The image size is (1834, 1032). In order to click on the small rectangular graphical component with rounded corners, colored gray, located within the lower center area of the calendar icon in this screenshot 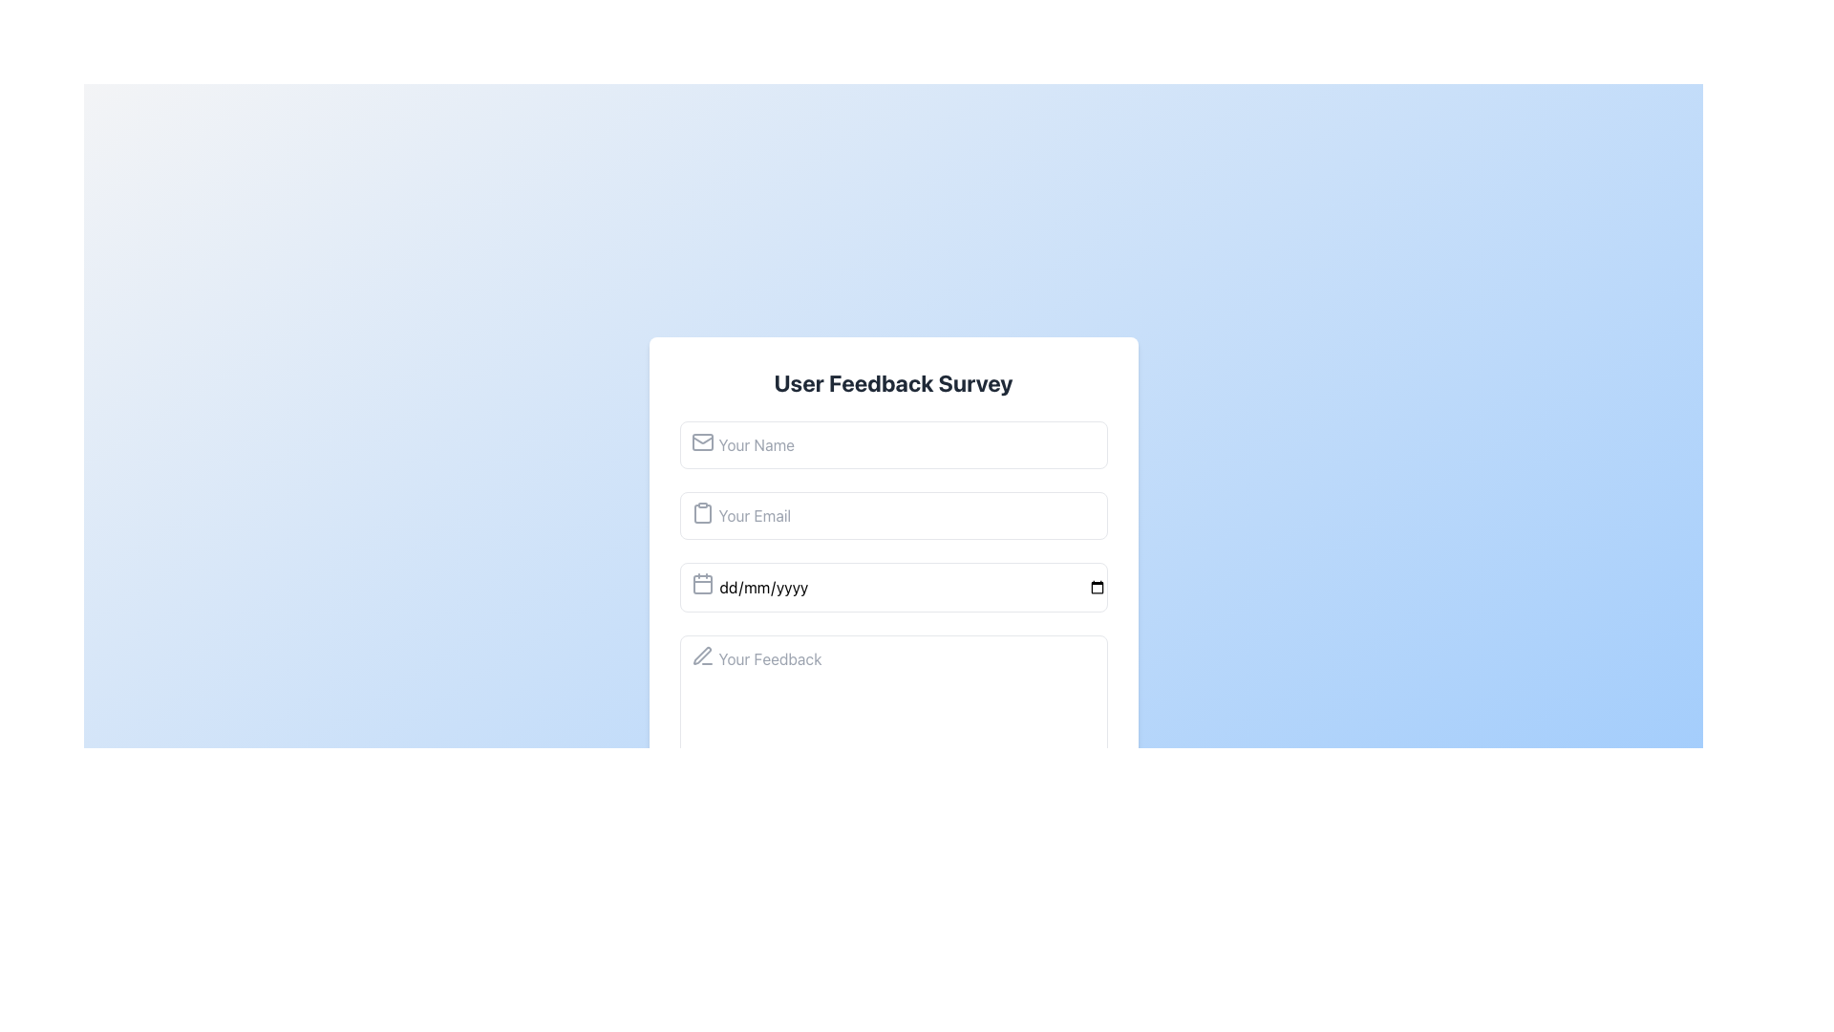, I will do `click(701, 584)`.